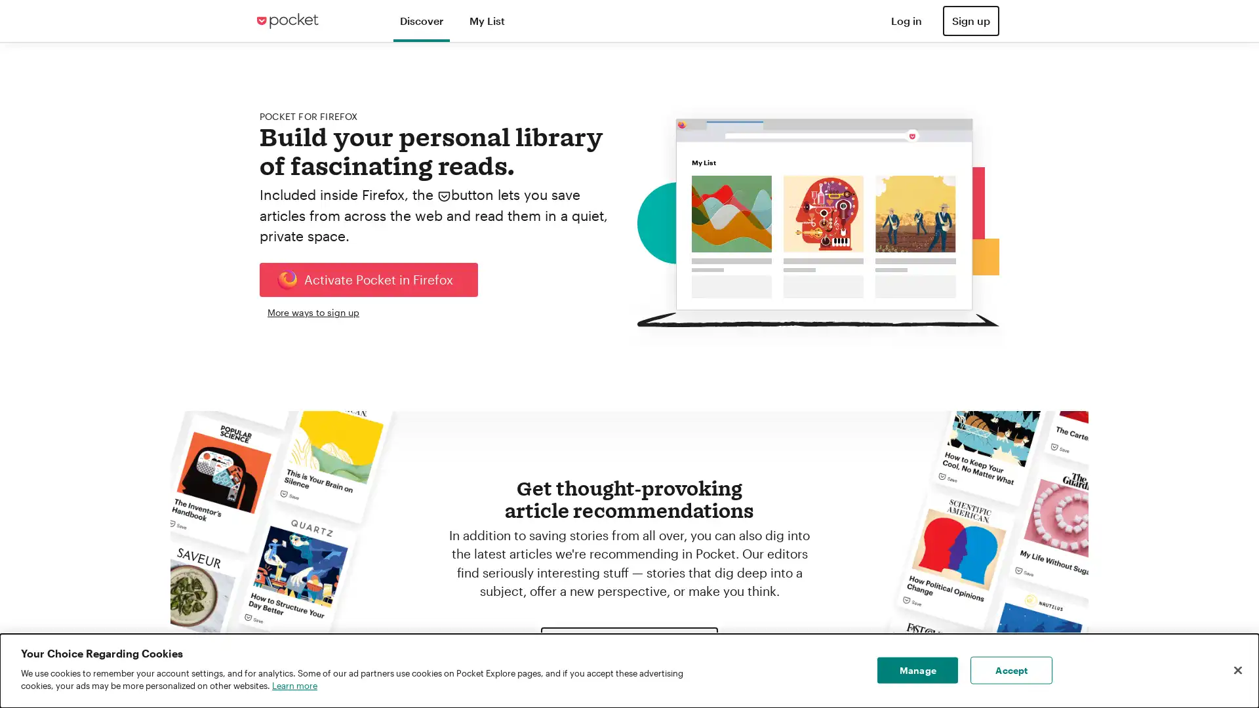 This screenshot has width=1259, height=708. I want to click on Manage, so click(917, 670).